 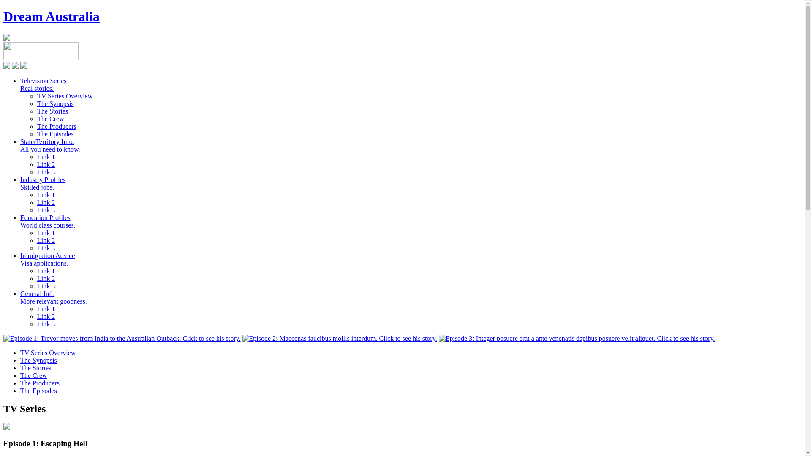 I want to click on 'Link 3', so click(x=46, y=247).